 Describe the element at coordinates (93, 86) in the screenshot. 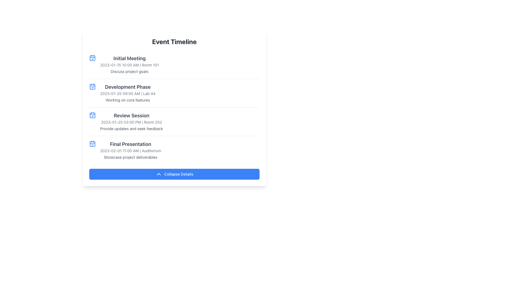

I see `the calendar icon with a checkmark styled in blue, located to the left of the 'Development Phase' text in the 'Event Timeline' section` at that location.